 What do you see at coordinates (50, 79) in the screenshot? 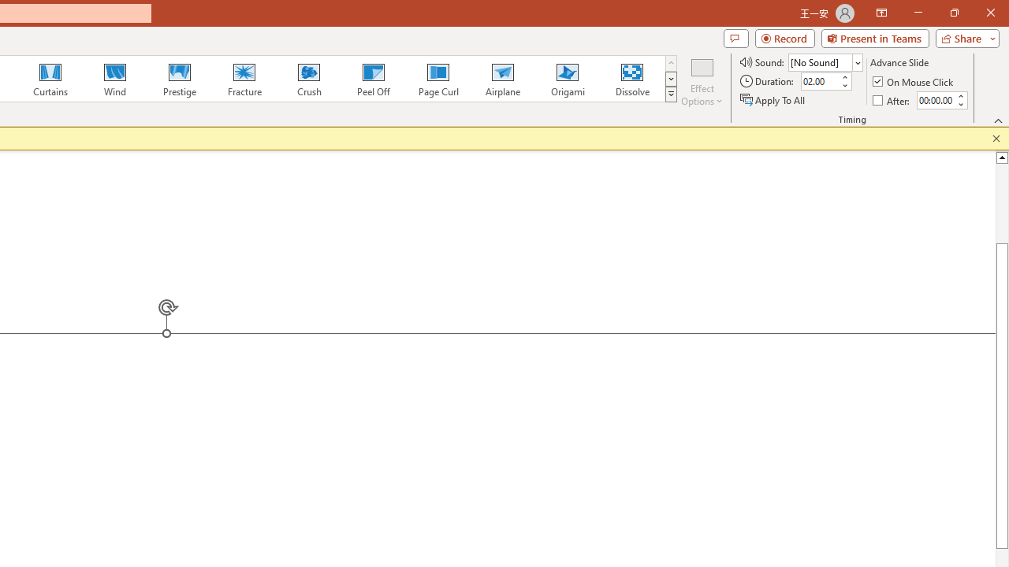
I see `'Curtains'` at bounding box center [50, 79].